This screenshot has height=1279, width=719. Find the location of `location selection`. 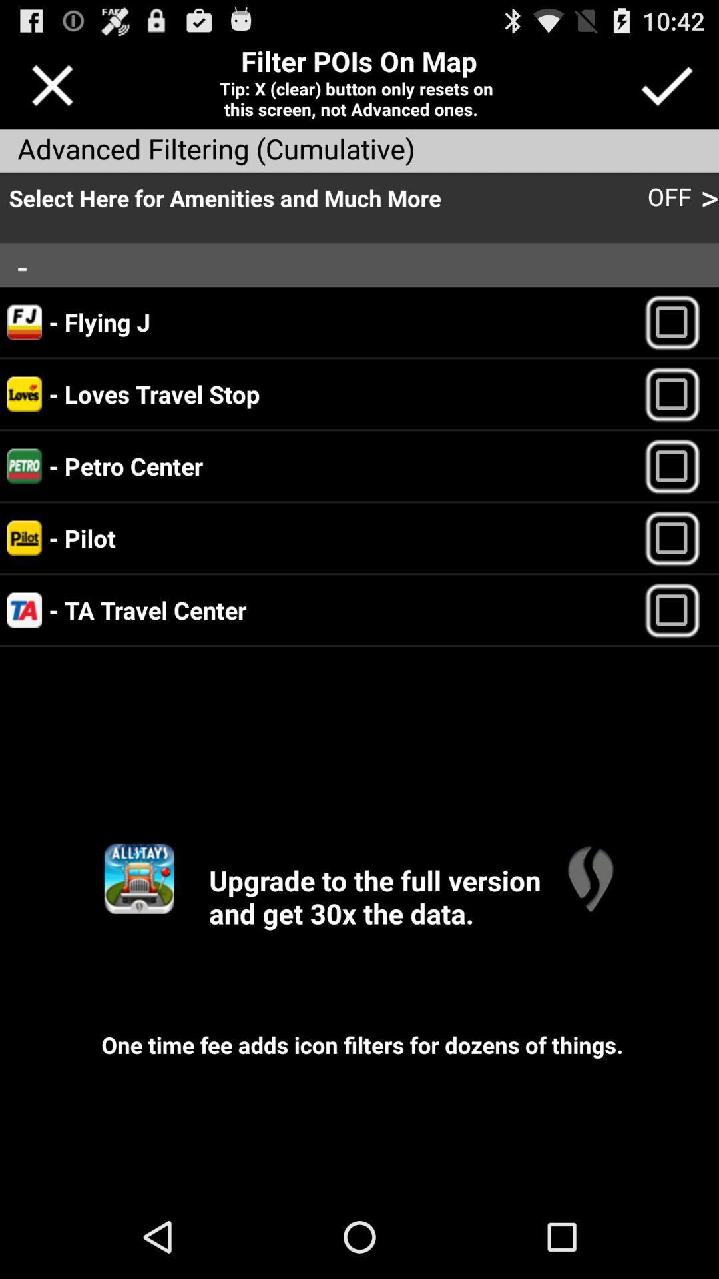

location selection is located at coordinates (678, 393).